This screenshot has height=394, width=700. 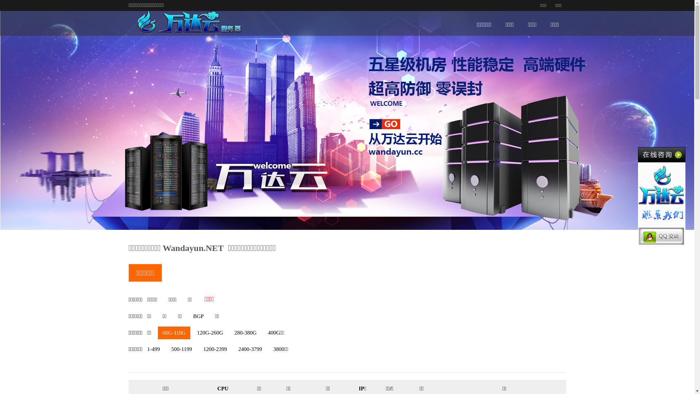 What do you see at coordinates (174, 333) in the screenshot?
I see `'60G-110G'` at bounding box center [174, 333].